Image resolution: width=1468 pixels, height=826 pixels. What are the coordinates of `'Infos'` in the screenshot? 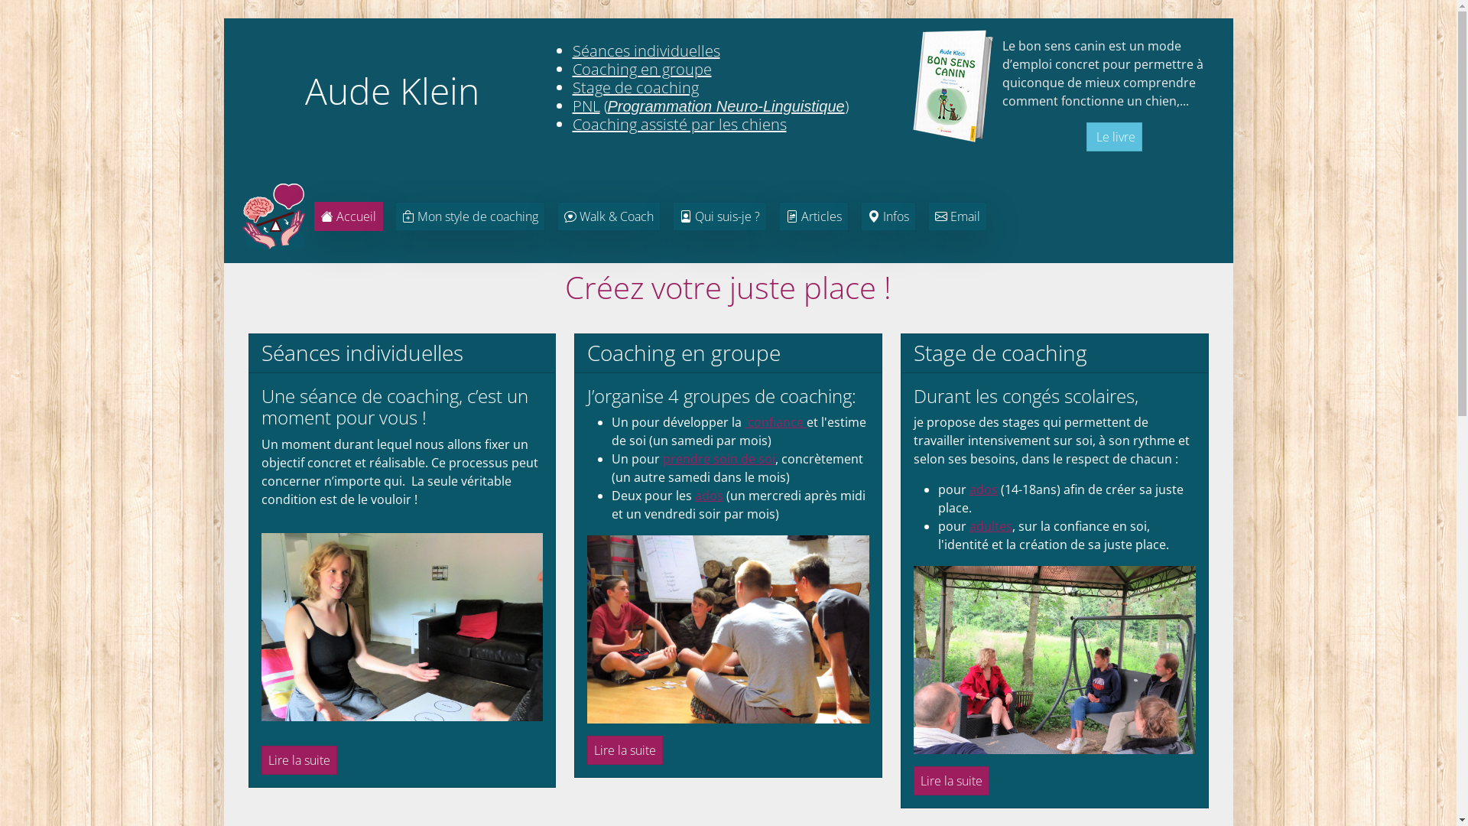 It's located at (888, 216).